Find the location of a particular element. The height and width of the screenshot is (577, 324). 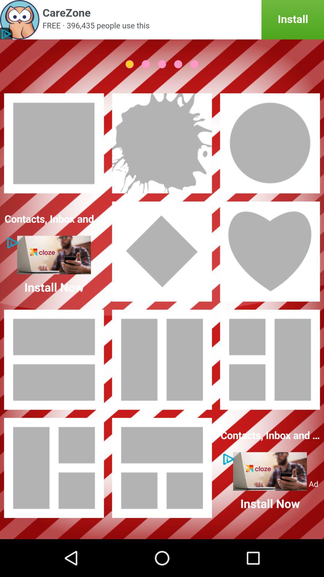

this layout is located at coordinates (54, 359).